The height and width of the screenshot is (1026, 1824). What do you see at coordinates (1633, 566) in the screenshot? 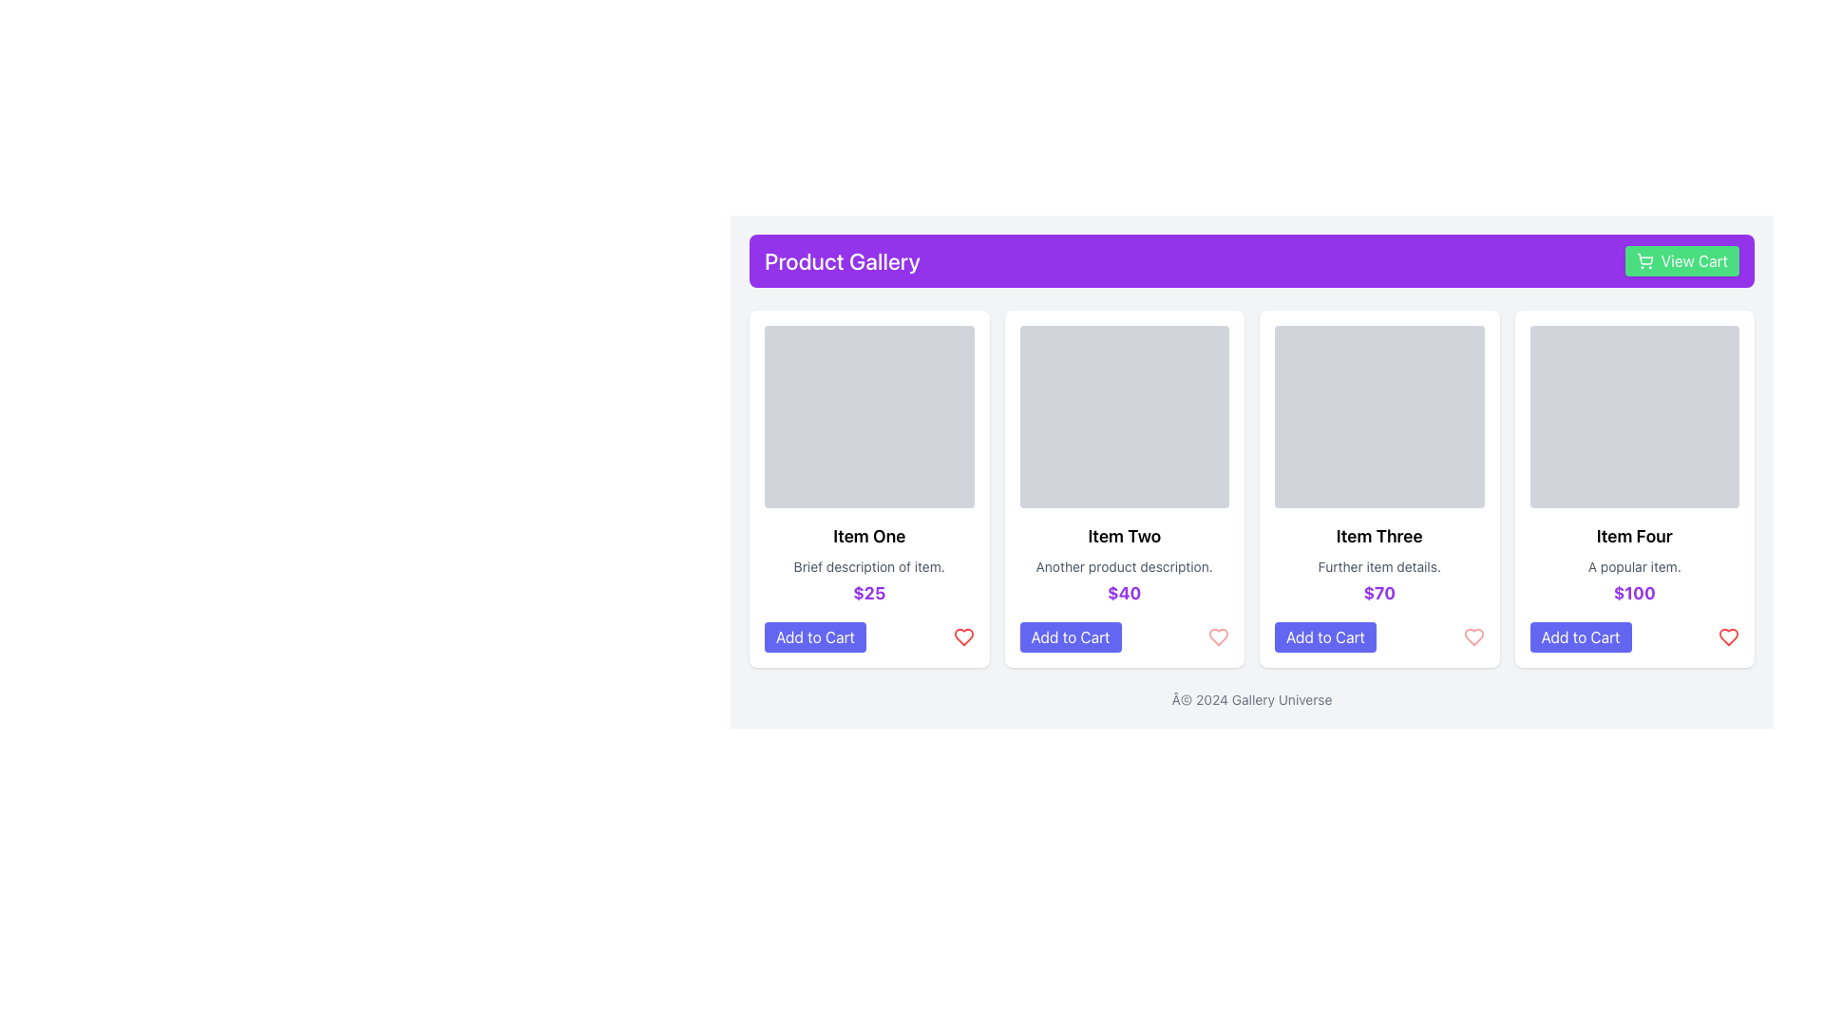
I see `the text element reading 'A popular item.' which is styled in a small, gray font and located in the fourth product card, situated below 'Item Four' and above '$100'` at bounding box center [1633, 566].